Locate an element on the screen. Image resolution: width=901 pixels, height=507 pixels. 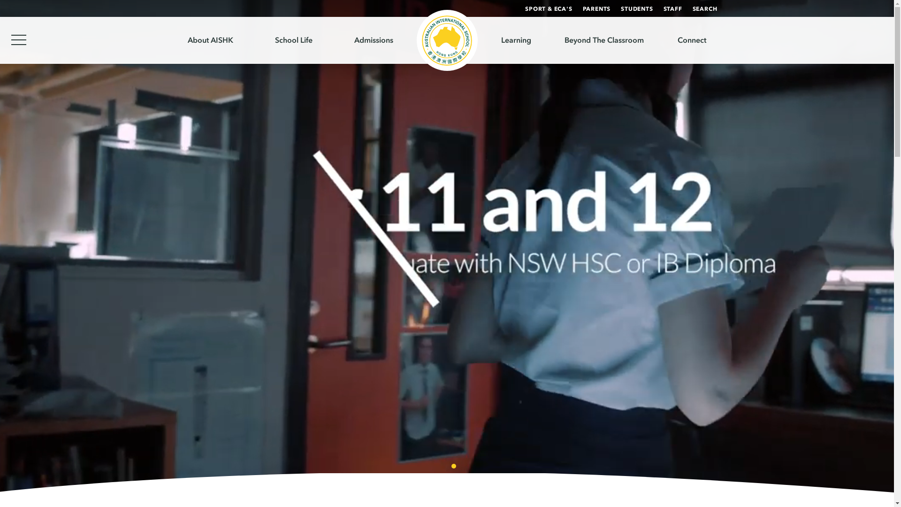
'STUDENTS' is located at coordinates (637, 9).